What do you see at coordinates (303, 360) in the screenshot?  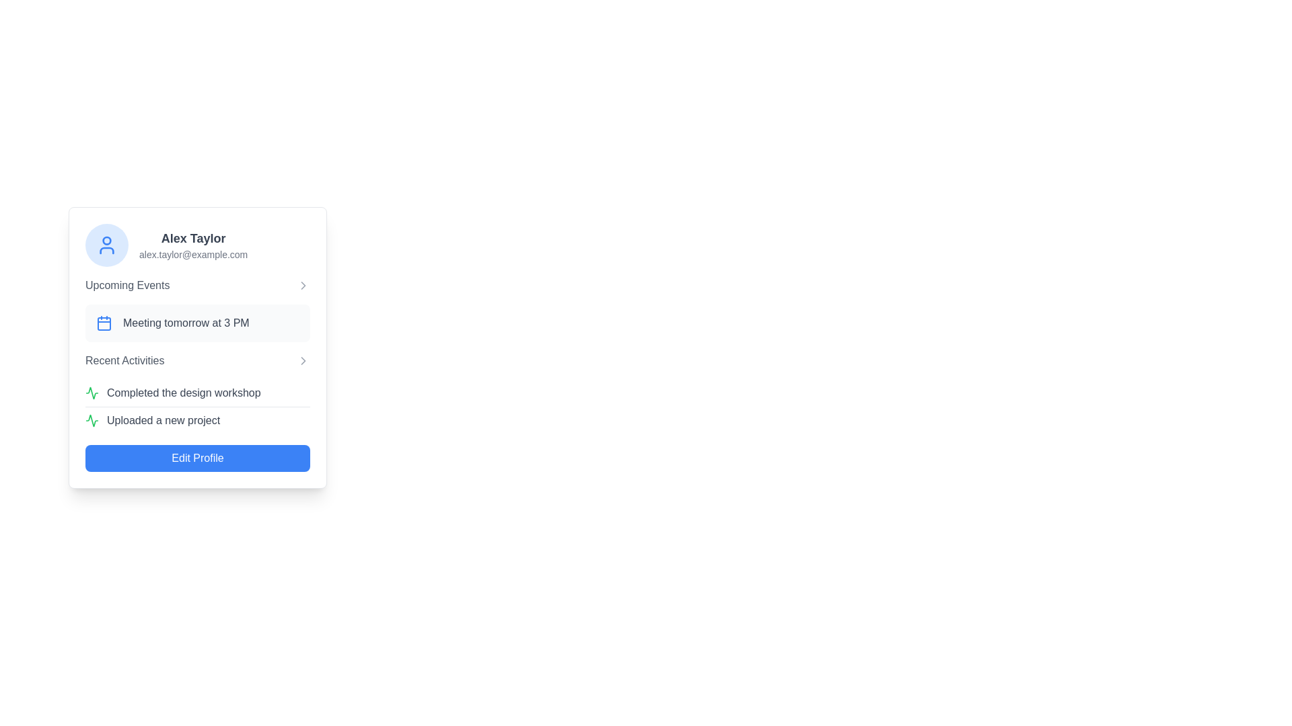 I see `the right-pointing arrow icon located next to the 'Recent Activities' label` at bounding box center [303, 360].